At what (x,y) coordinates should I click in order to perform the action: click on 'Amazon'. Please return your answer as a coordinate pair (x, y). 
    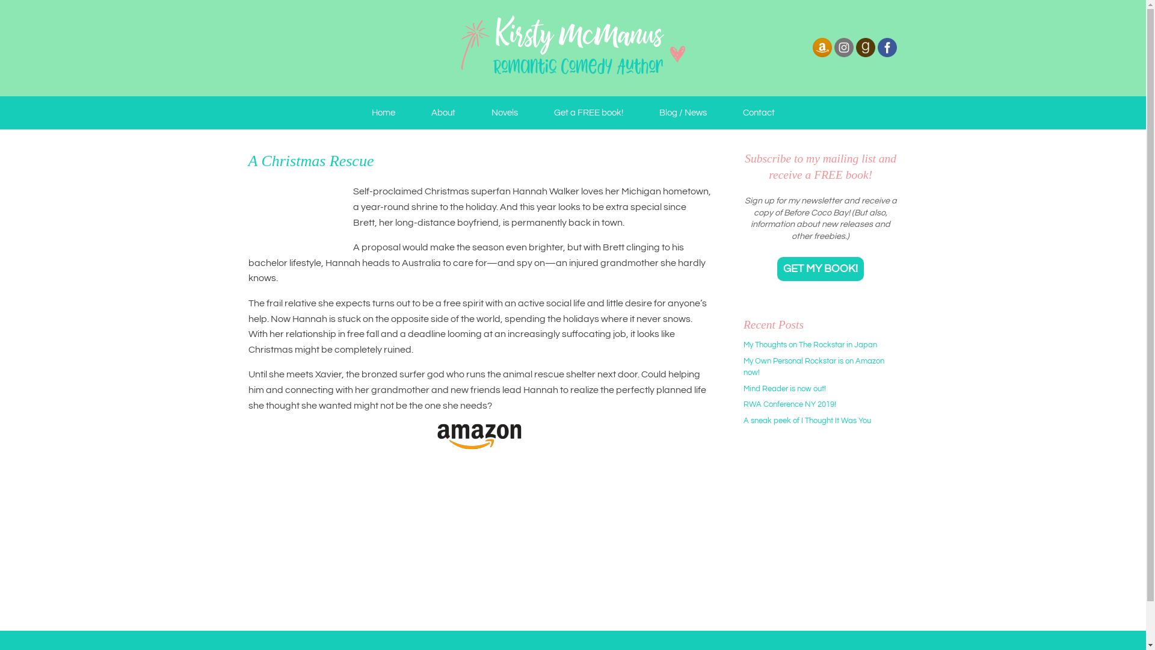
    Looking at the image, I should click on (821, 46).